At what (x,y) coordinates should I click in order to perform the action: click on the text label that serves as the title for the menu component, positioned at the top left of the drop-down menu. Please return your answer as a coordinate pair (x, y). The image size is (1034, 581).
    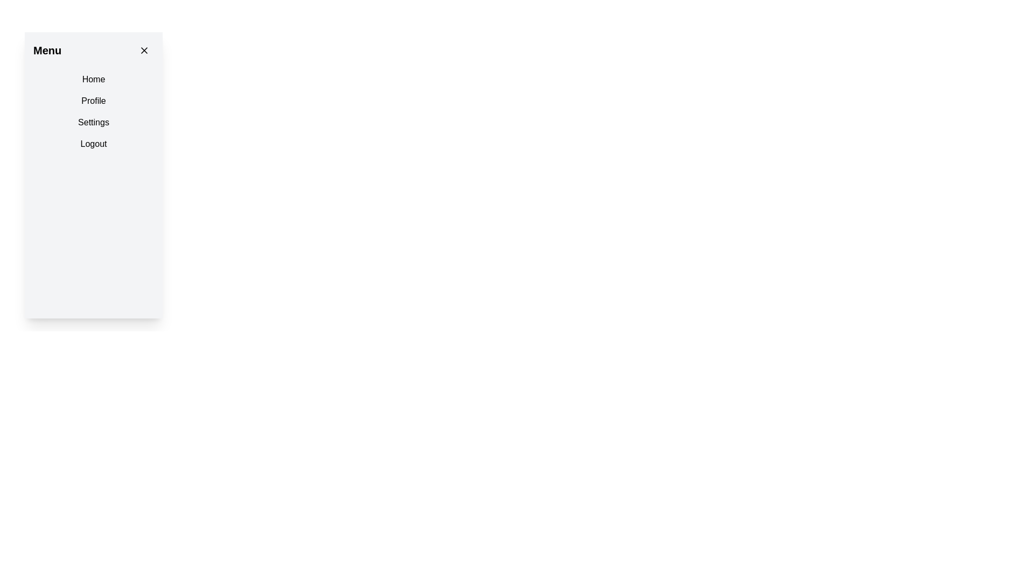
    Looking at the image, I should click on (47, 50).